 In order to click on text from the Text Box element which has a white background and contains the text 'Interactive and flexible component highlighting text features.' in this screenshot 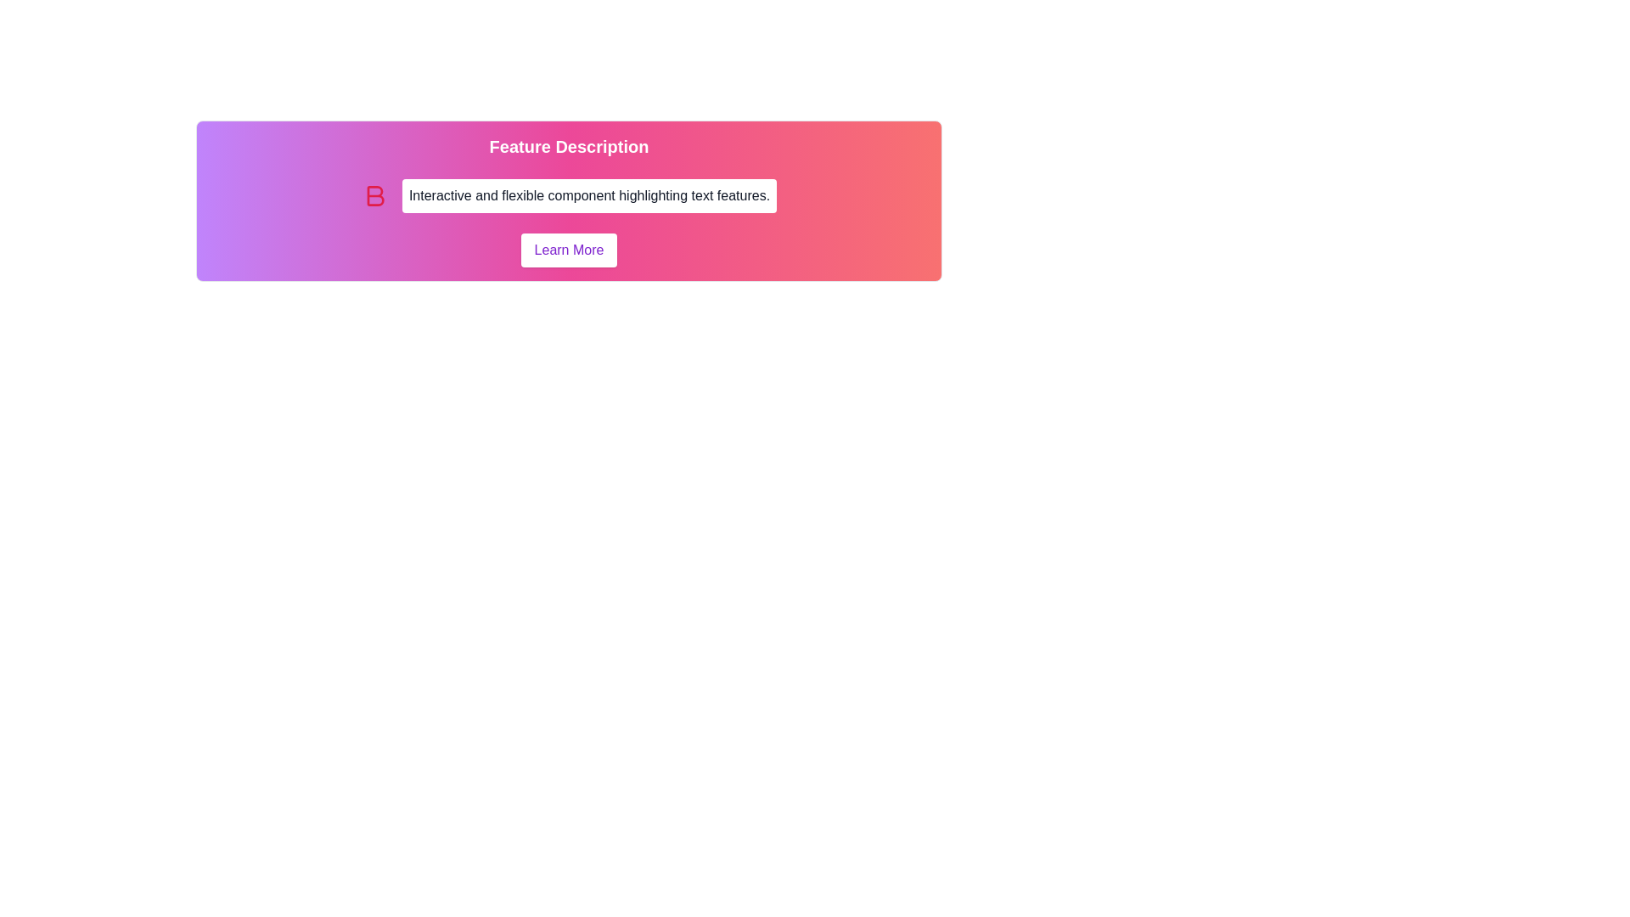, I will do `click(589, 195)`.